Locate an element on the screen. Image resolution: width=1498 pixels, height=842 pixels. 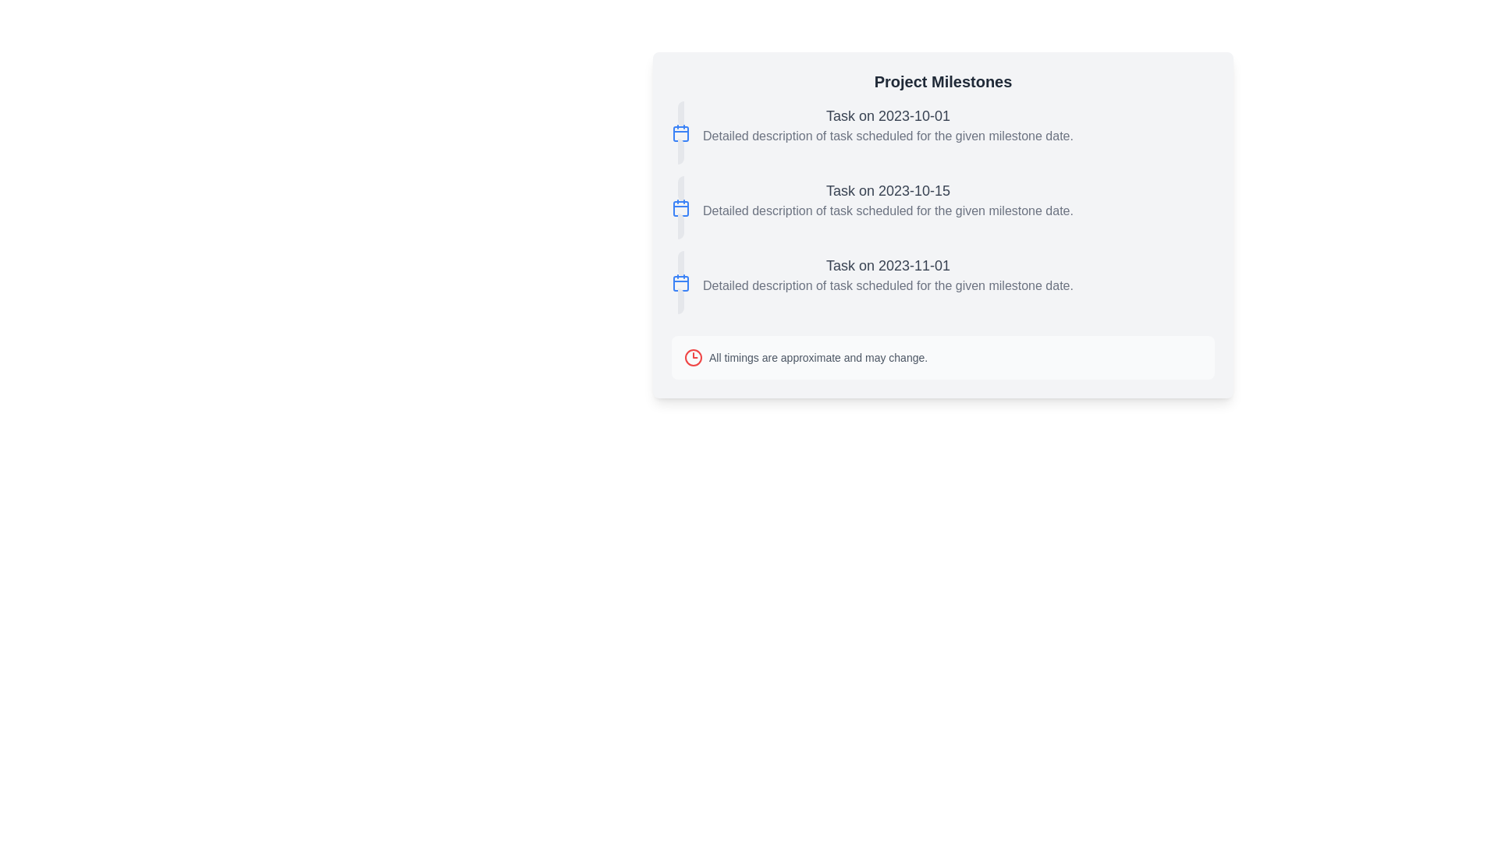
the second calendar icon button associated with the milestone for 'Task on 2023-10-15' is located at coordinates (681, 207).